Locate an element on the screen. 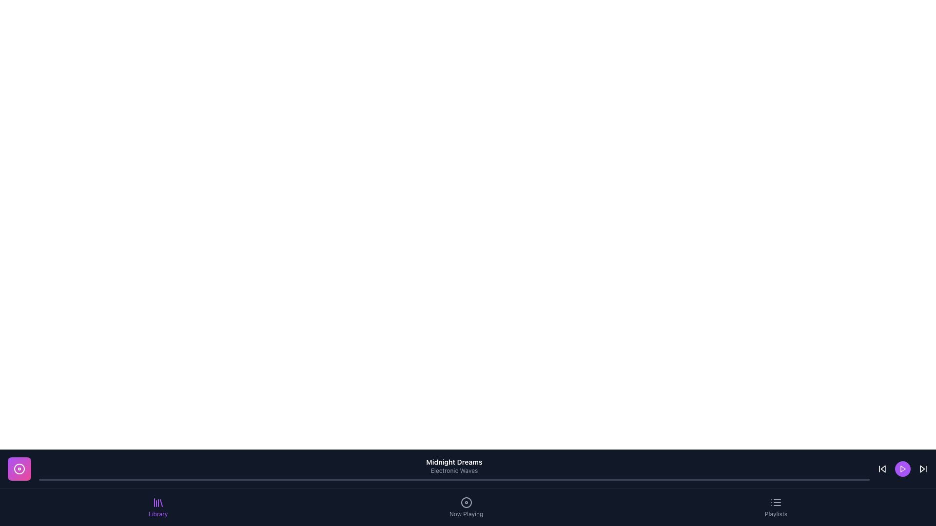 This screenshot has width=936, height=526. the progress bar located beneath the 'Electronic Waves' text, which is a thin horizontal bar with a gray background and rounded ends is located at coordinates (453, 479).